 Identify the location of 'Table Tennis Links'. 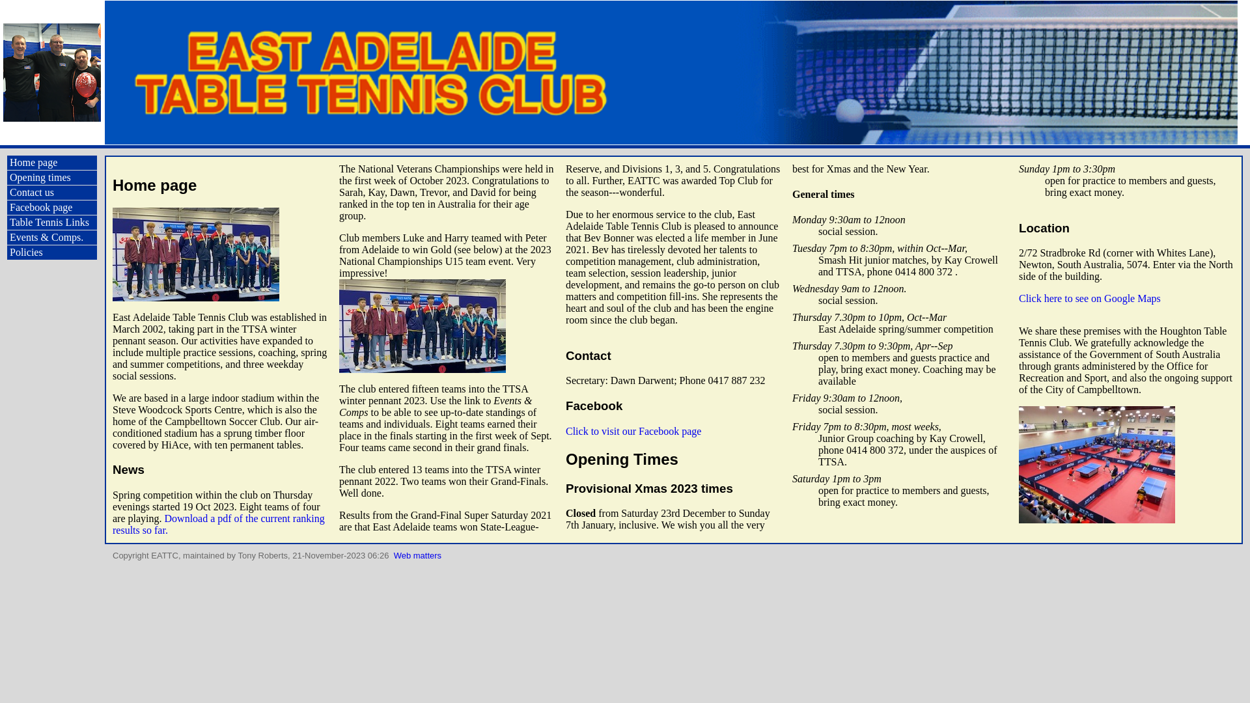
(52, 222).